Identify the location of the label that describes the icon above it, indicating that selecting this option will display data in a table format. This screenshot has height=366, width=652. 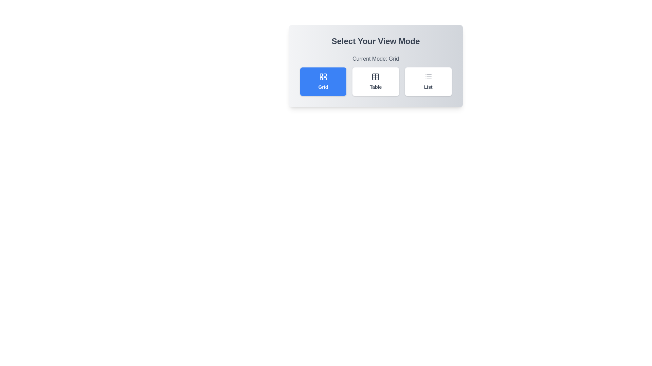
(375, 87).